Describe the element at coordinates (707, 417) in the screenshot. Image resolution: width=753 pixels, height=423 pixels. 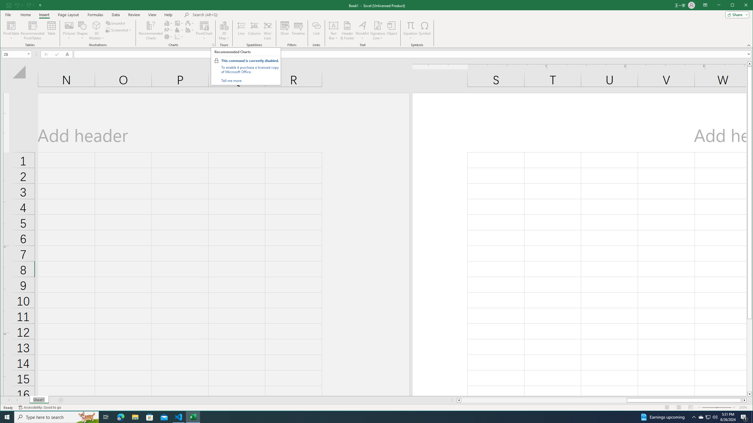
I see `'User Promoted Notification Area'` at that location.